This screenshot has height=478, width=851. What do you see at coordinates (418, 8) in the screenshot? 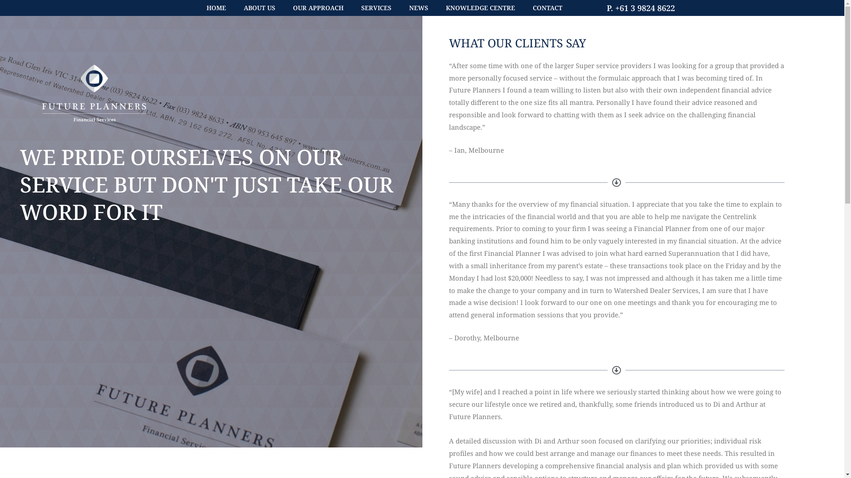
I see `'NEWS'` at bounding box center [418, 8].